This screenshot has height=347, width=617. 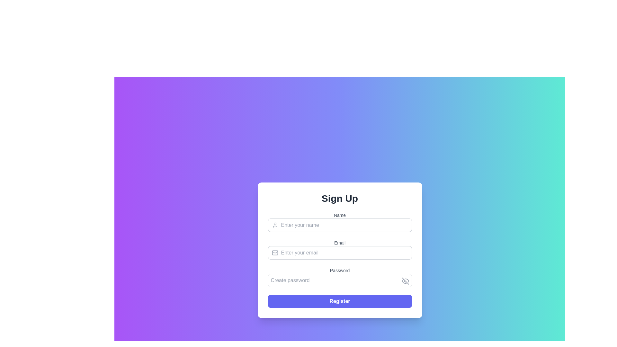 I want to click on the email icon, which is positioned at the left side of the email input field, aligned vertically with its center, so click(x=275, y=252).